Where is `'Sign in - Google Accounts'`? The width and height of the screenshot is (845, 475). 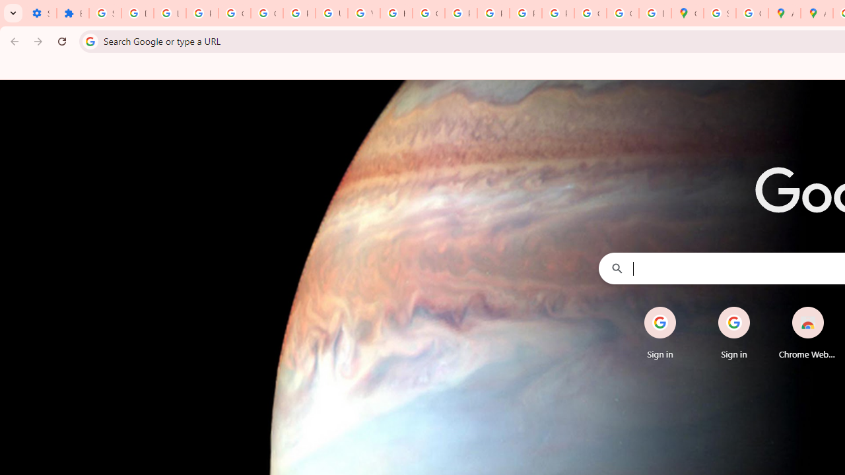
'Sign in - Google Accounts' is located at coordinates (719, 13).